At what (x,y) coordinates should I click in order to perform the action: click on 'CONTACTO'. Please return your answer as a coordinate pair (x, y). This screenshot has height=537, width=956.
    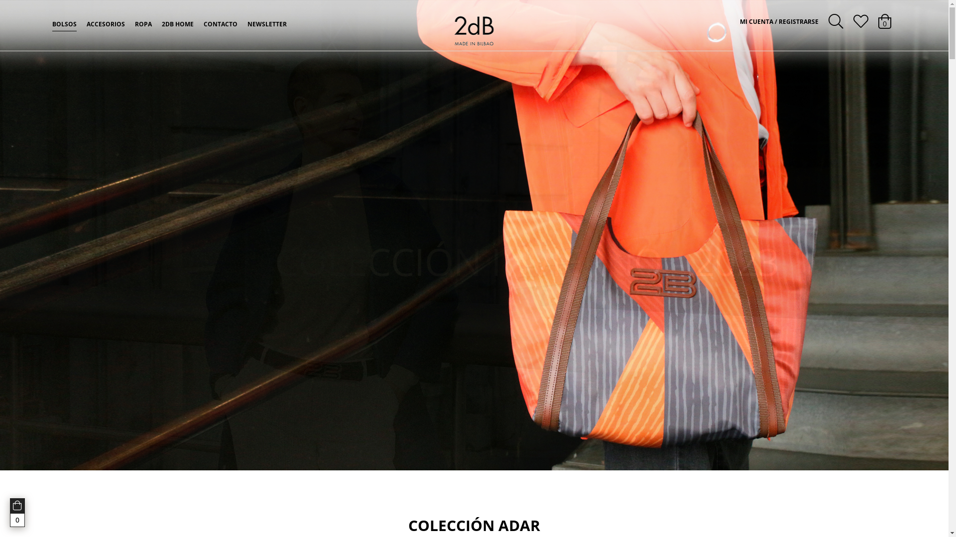
    Looking at the image, I should click on (220, 24).